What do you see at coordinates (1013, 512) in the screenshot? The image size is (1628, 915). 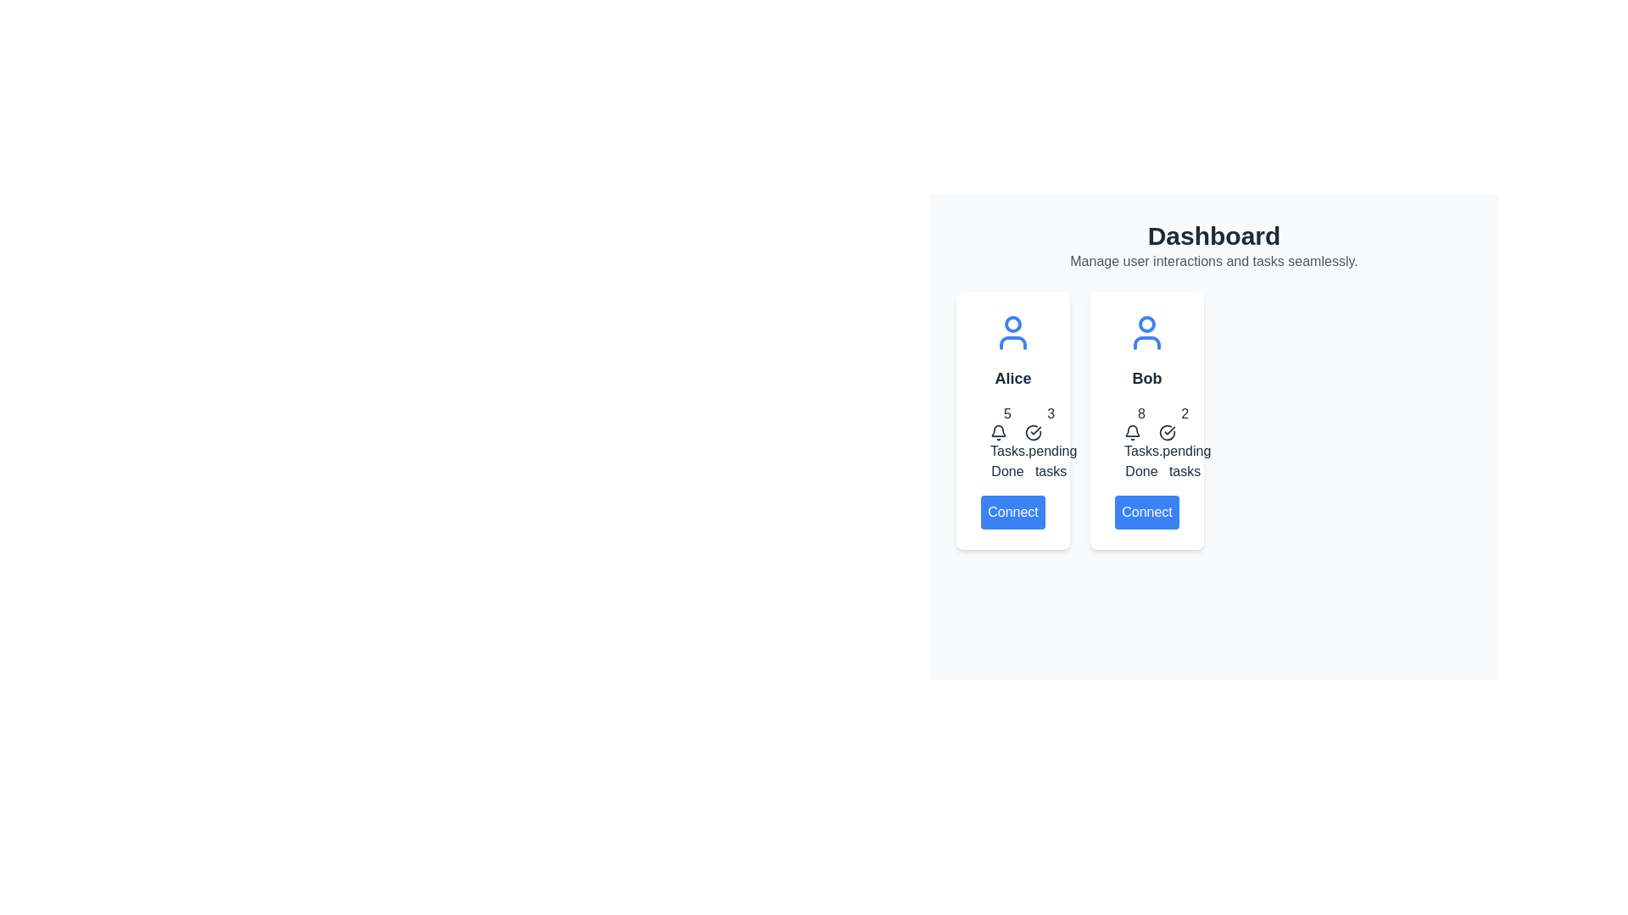 I see `the button located at the bottom of Alice's user card to initiate a connection` at bounding box center [1013, 512].